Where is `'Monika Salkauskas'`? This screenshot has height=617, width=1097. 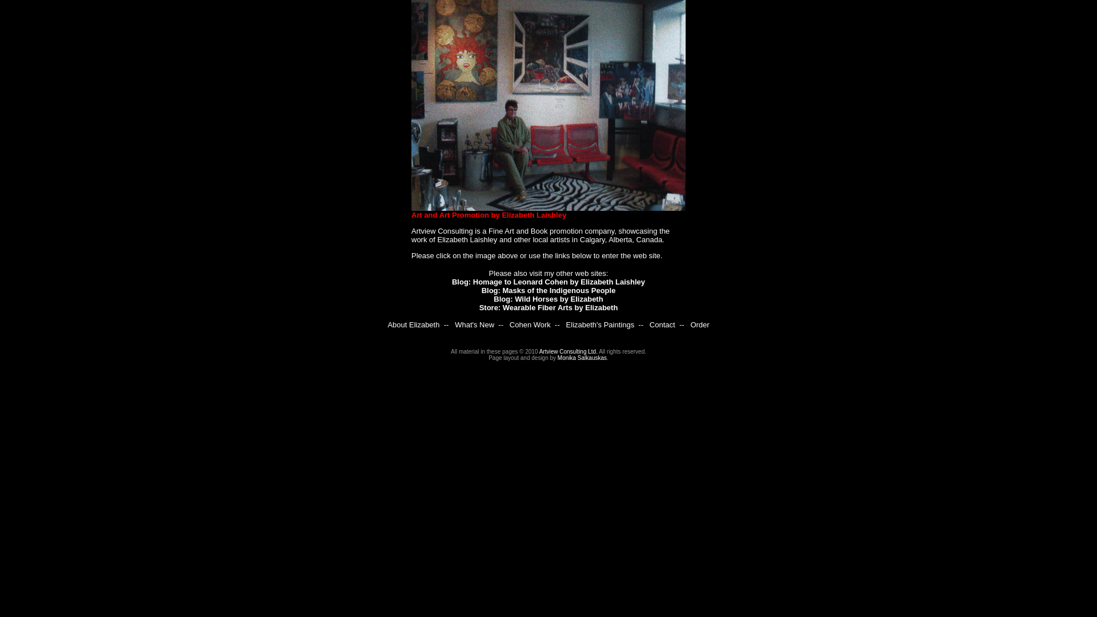
'Monika Salkauskas' is located at coordinates (557, 357).